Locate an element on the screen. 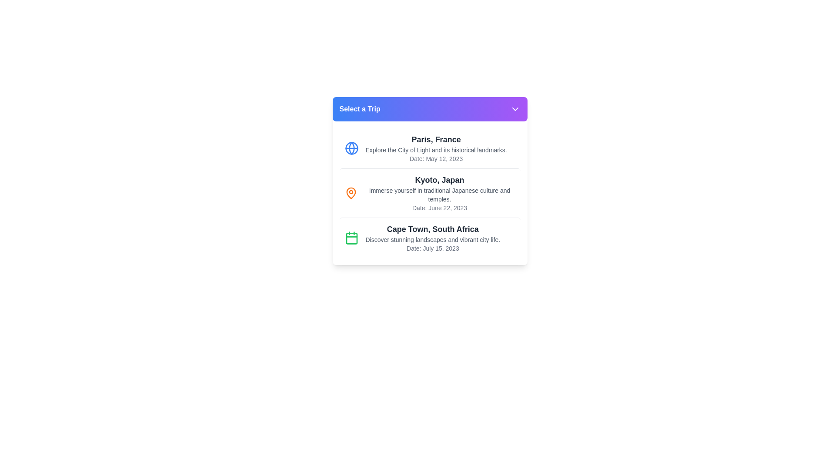 Image resolution: width=835 pixels, height=470 pixels. the static text element displaying 'Date: July 15, 2023' located in the third trip description box titled 'Cape Town, South Africa' is located at coordinates (433, 248).